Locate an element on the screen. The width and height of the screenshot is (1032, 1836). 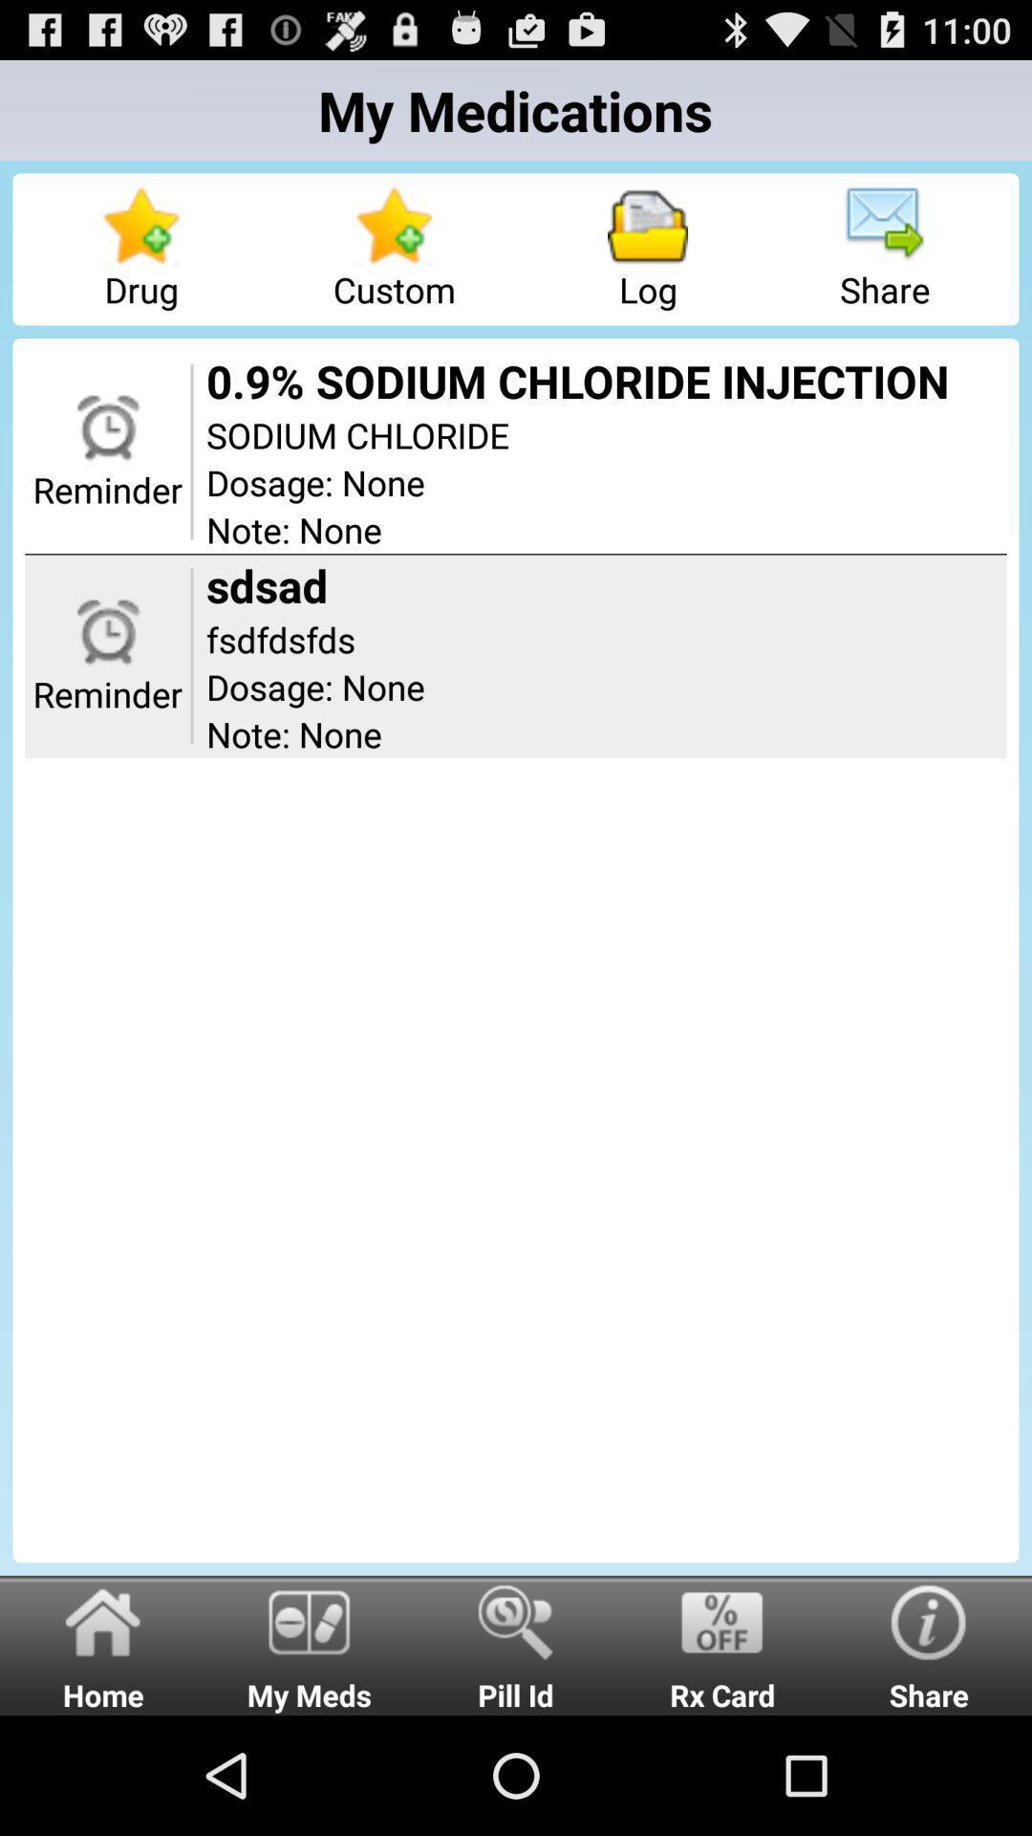
item to the left of the share item is located at coordinates (722, 1644).